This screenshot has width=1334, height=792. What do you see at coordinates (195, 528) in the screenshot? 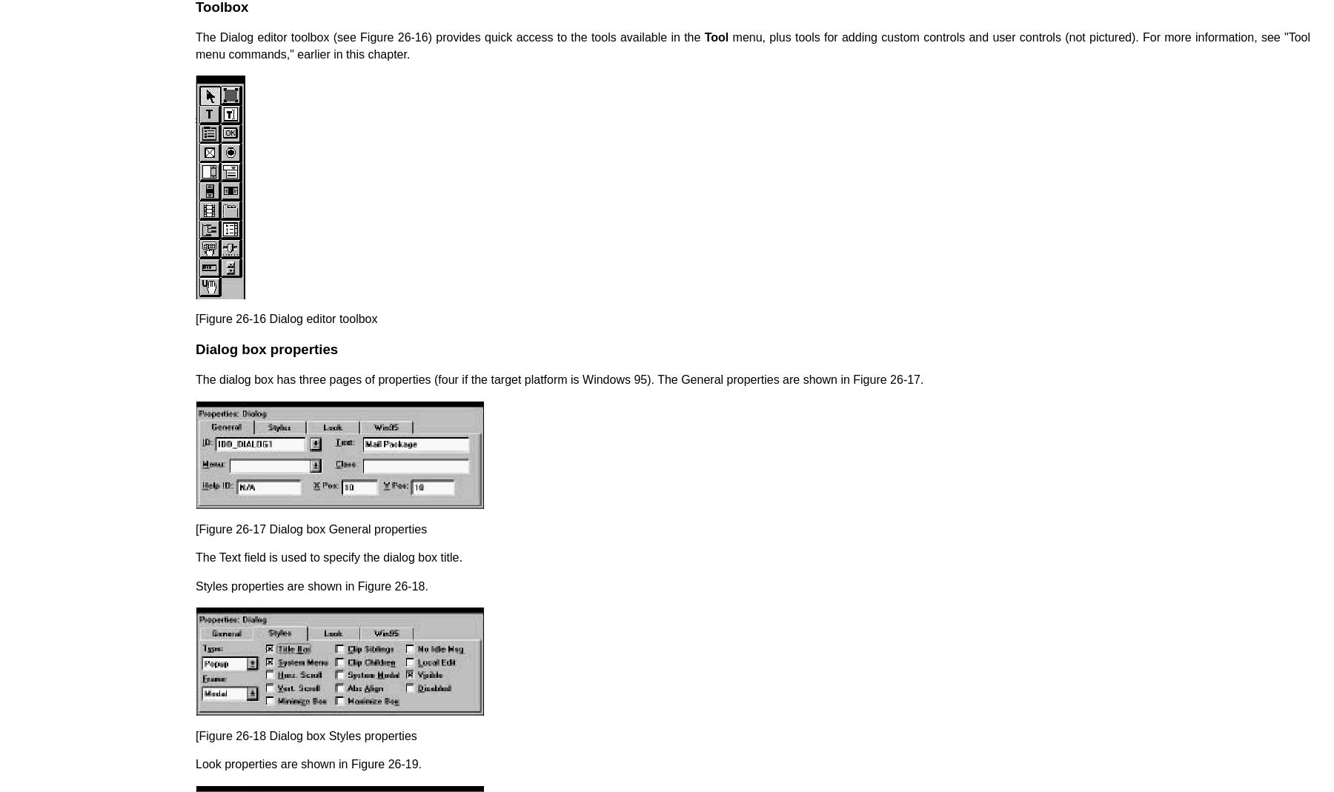
I see `'[Figure 26-17 Dialog box General properties'` at bounding box center [195, 528].